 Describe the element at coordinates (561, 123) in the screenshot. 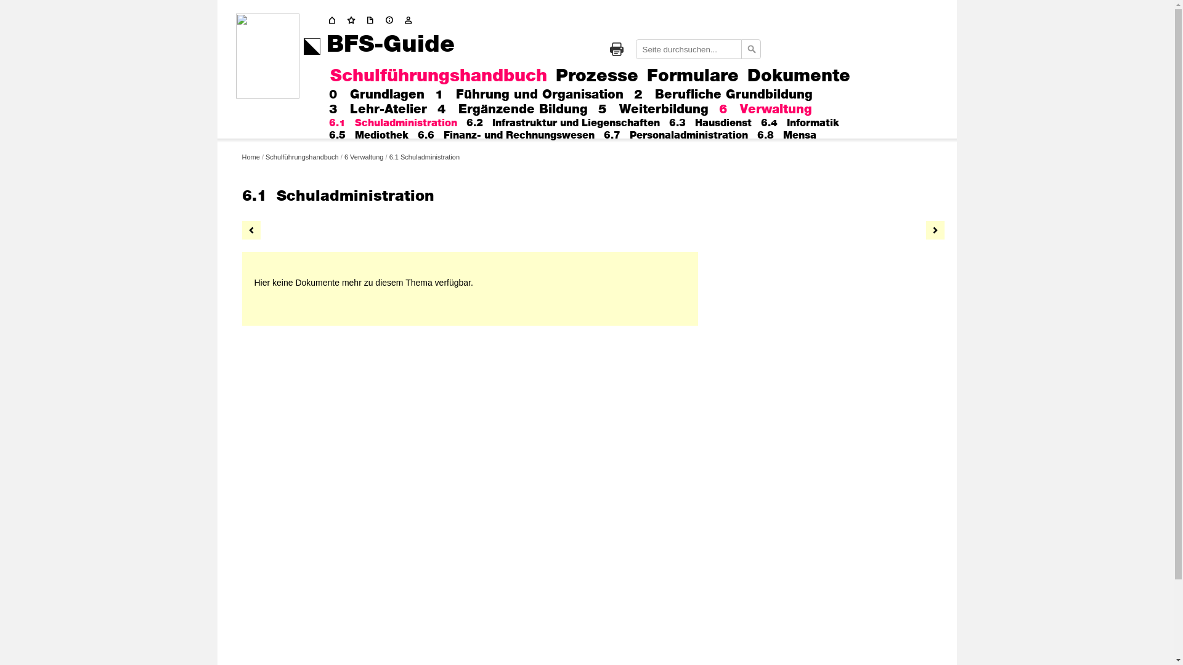

I see `'6.2   Infrastruktur und Liegenschaften'` at that location.